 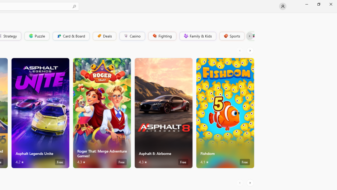 I want to click on 'Restore Microsoft Store', so click(x=318, y=4).